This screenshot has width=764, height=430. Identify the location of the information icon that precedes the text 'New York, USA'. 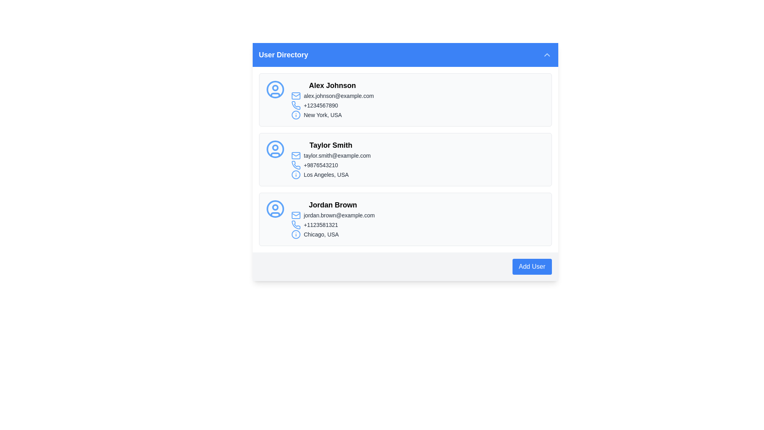
(295, 115).